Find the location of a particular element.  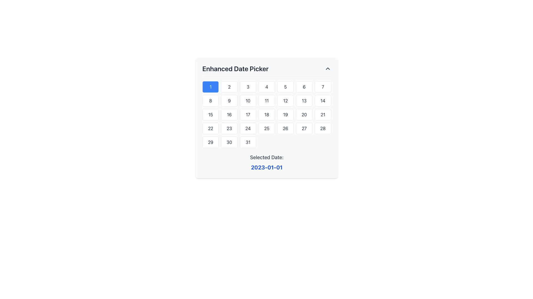

the rounded rectangular button labeled '17' is located at coordinates (248, 114).